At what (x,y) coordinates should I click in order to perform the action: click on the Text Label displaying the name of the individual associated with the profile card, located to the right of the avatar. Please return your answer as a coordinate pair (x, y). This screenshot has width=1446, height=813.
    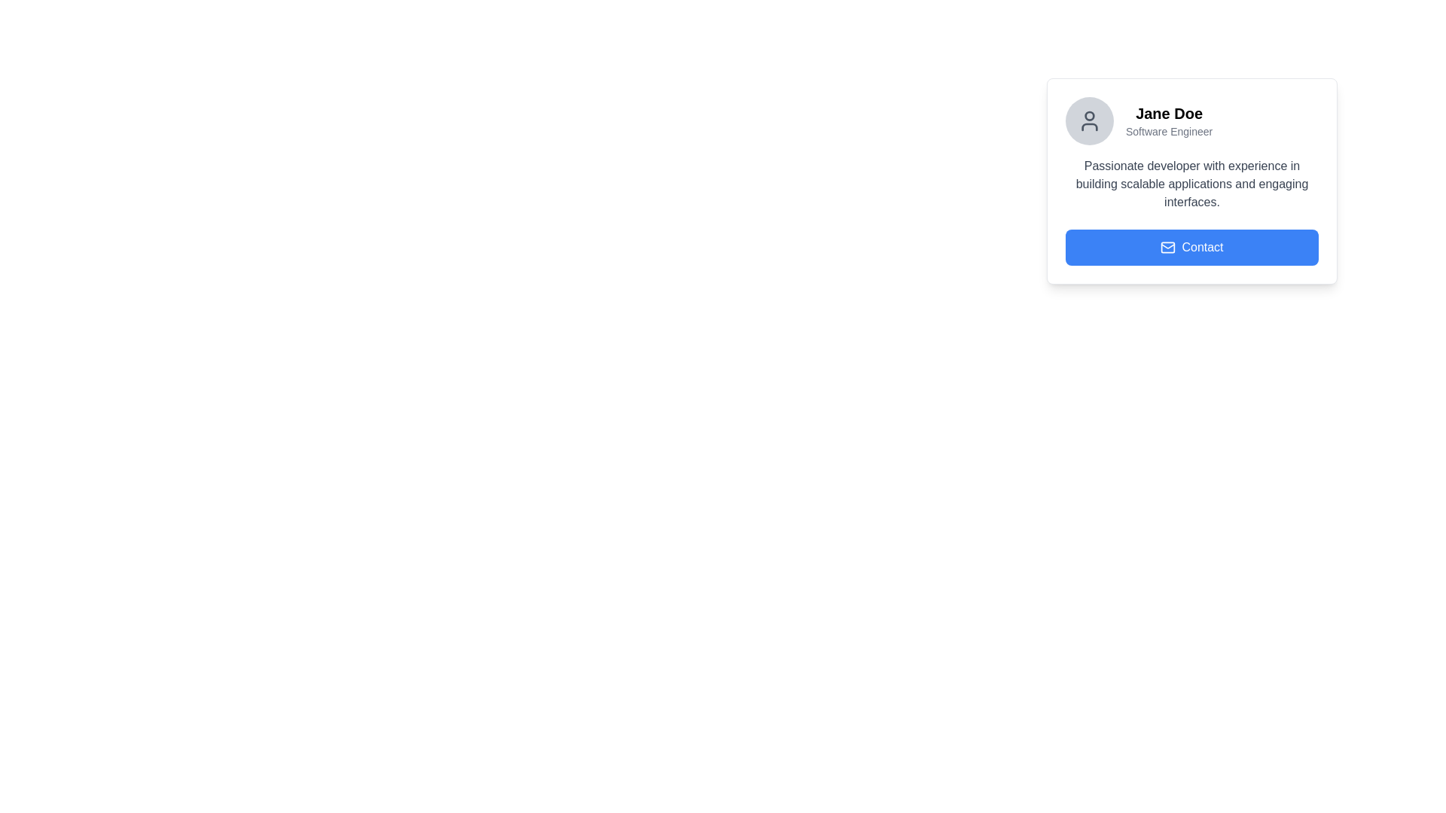
    Looking at the image, I should click on (1168, 112).